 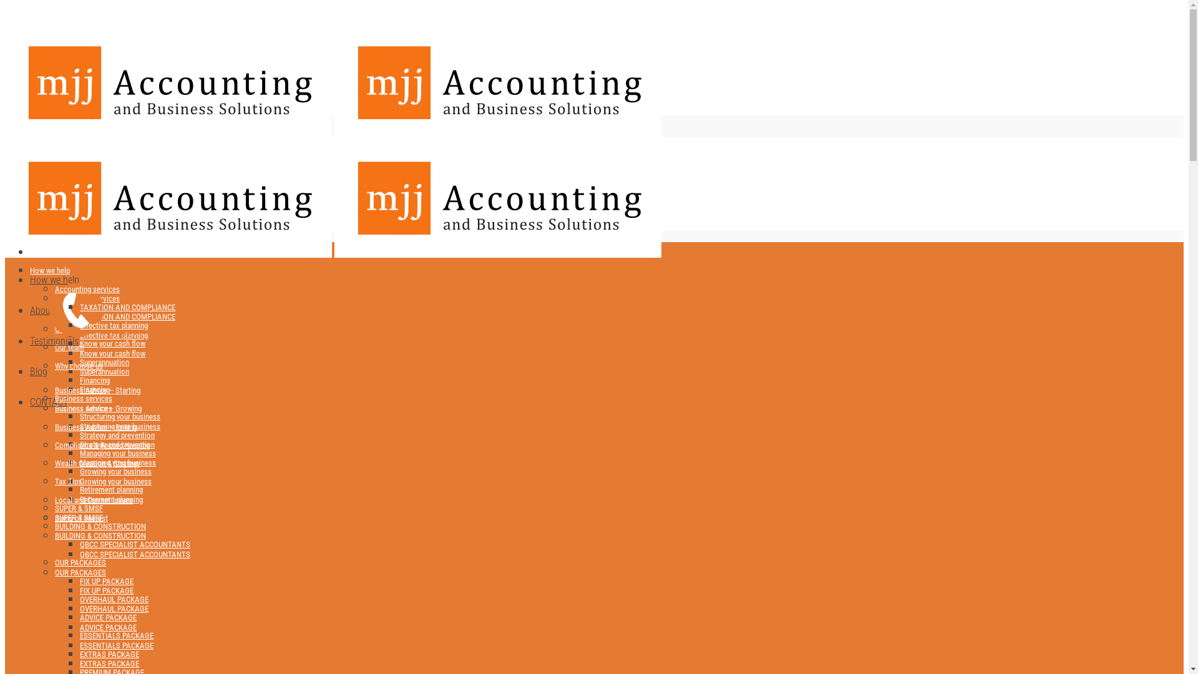 I want to click on 'Know your cash flow', so click(x=79, y=353).